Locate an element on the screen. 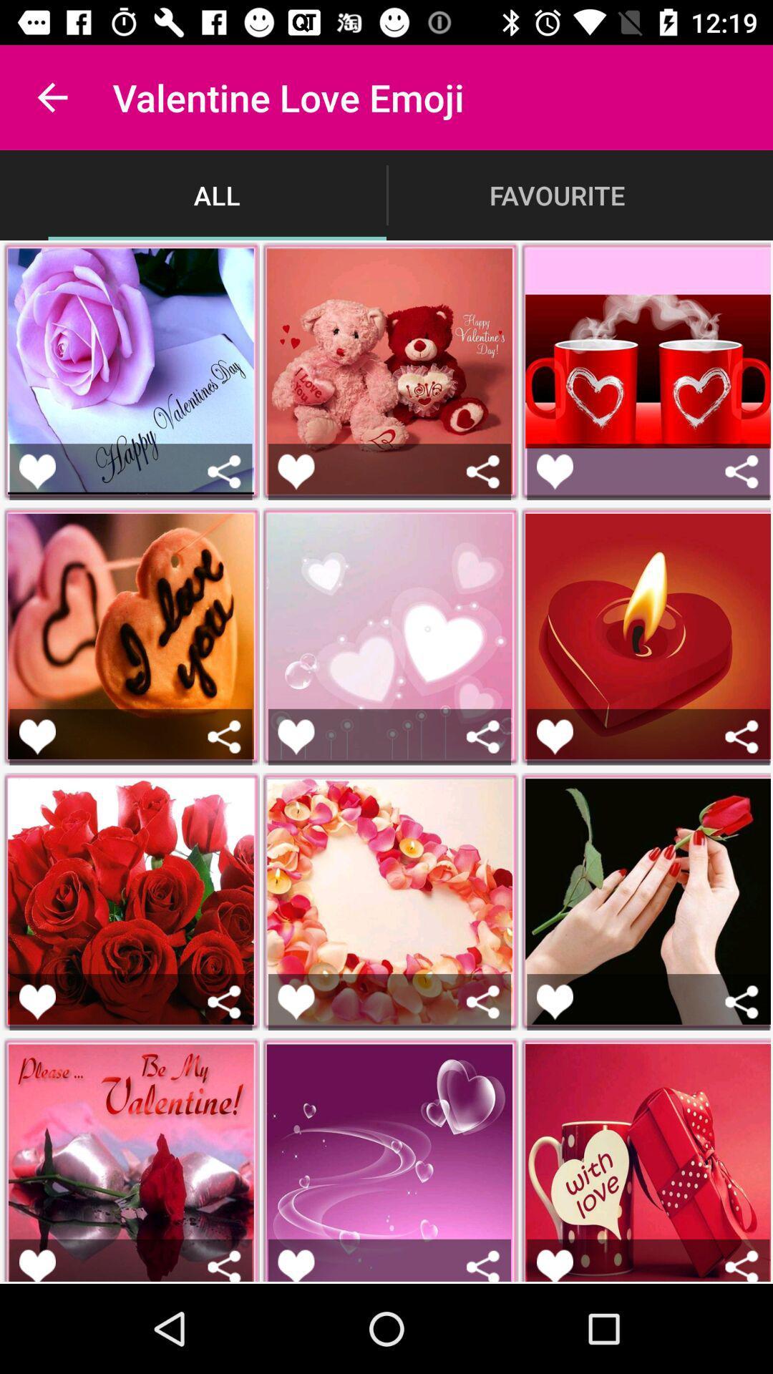 The image size is (773, 1374). heart symbol is located at coordinates (37, 1265).